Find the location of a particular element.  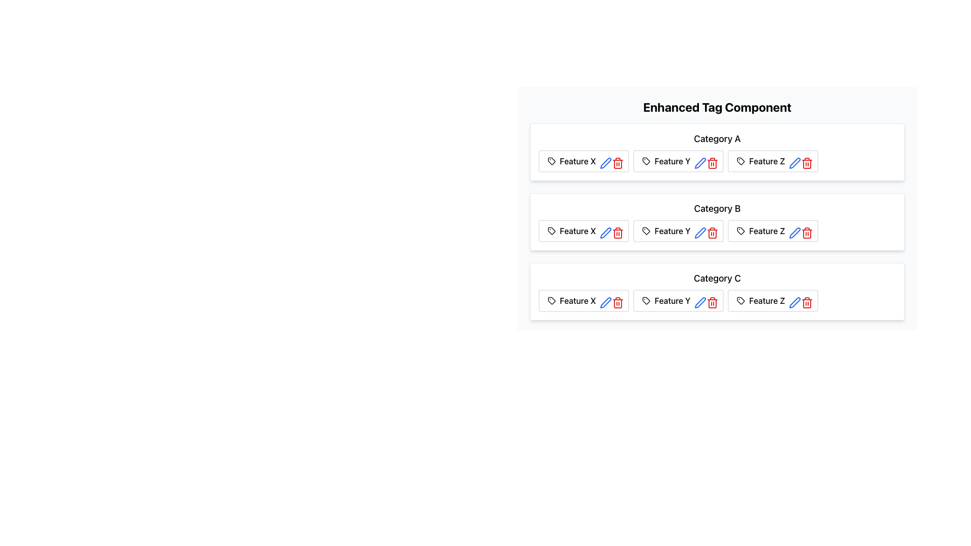

the static text label representing 'Feature Y', located in the second row under 'Category B', between 'Feature X' and interactive icons is located at coordinates (672, 231).